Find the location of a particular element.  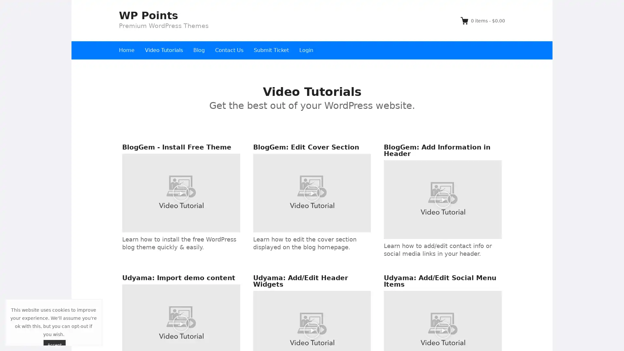

Play Video is located at coordinates (181, 323).